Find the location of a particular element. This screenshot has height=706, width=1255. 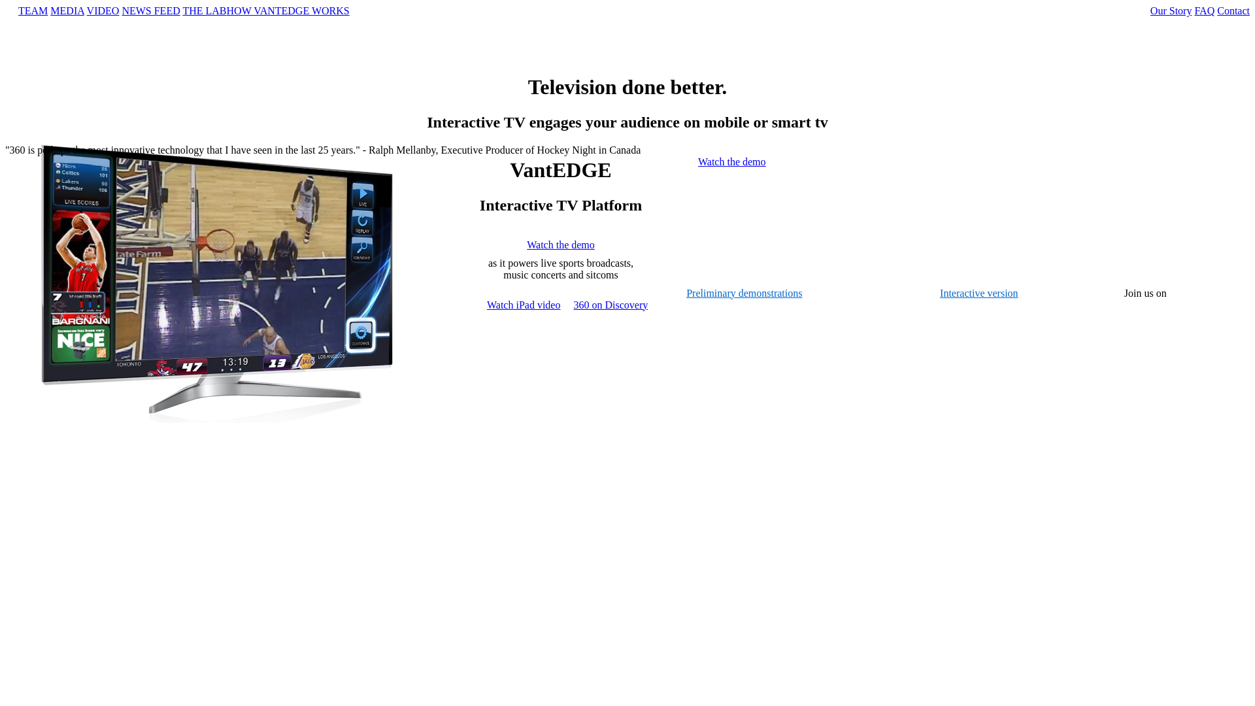

'VIDEO' is located at coordinates (86, 10).